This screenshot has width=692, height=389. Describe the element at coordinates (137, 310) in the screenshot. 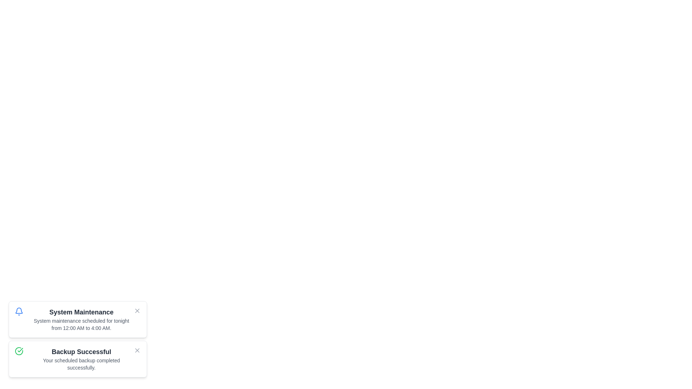

I see `the 'X' icon in the top-right corner of the 'System Maintenance' notification, which signifies a close or remove action` at that location.